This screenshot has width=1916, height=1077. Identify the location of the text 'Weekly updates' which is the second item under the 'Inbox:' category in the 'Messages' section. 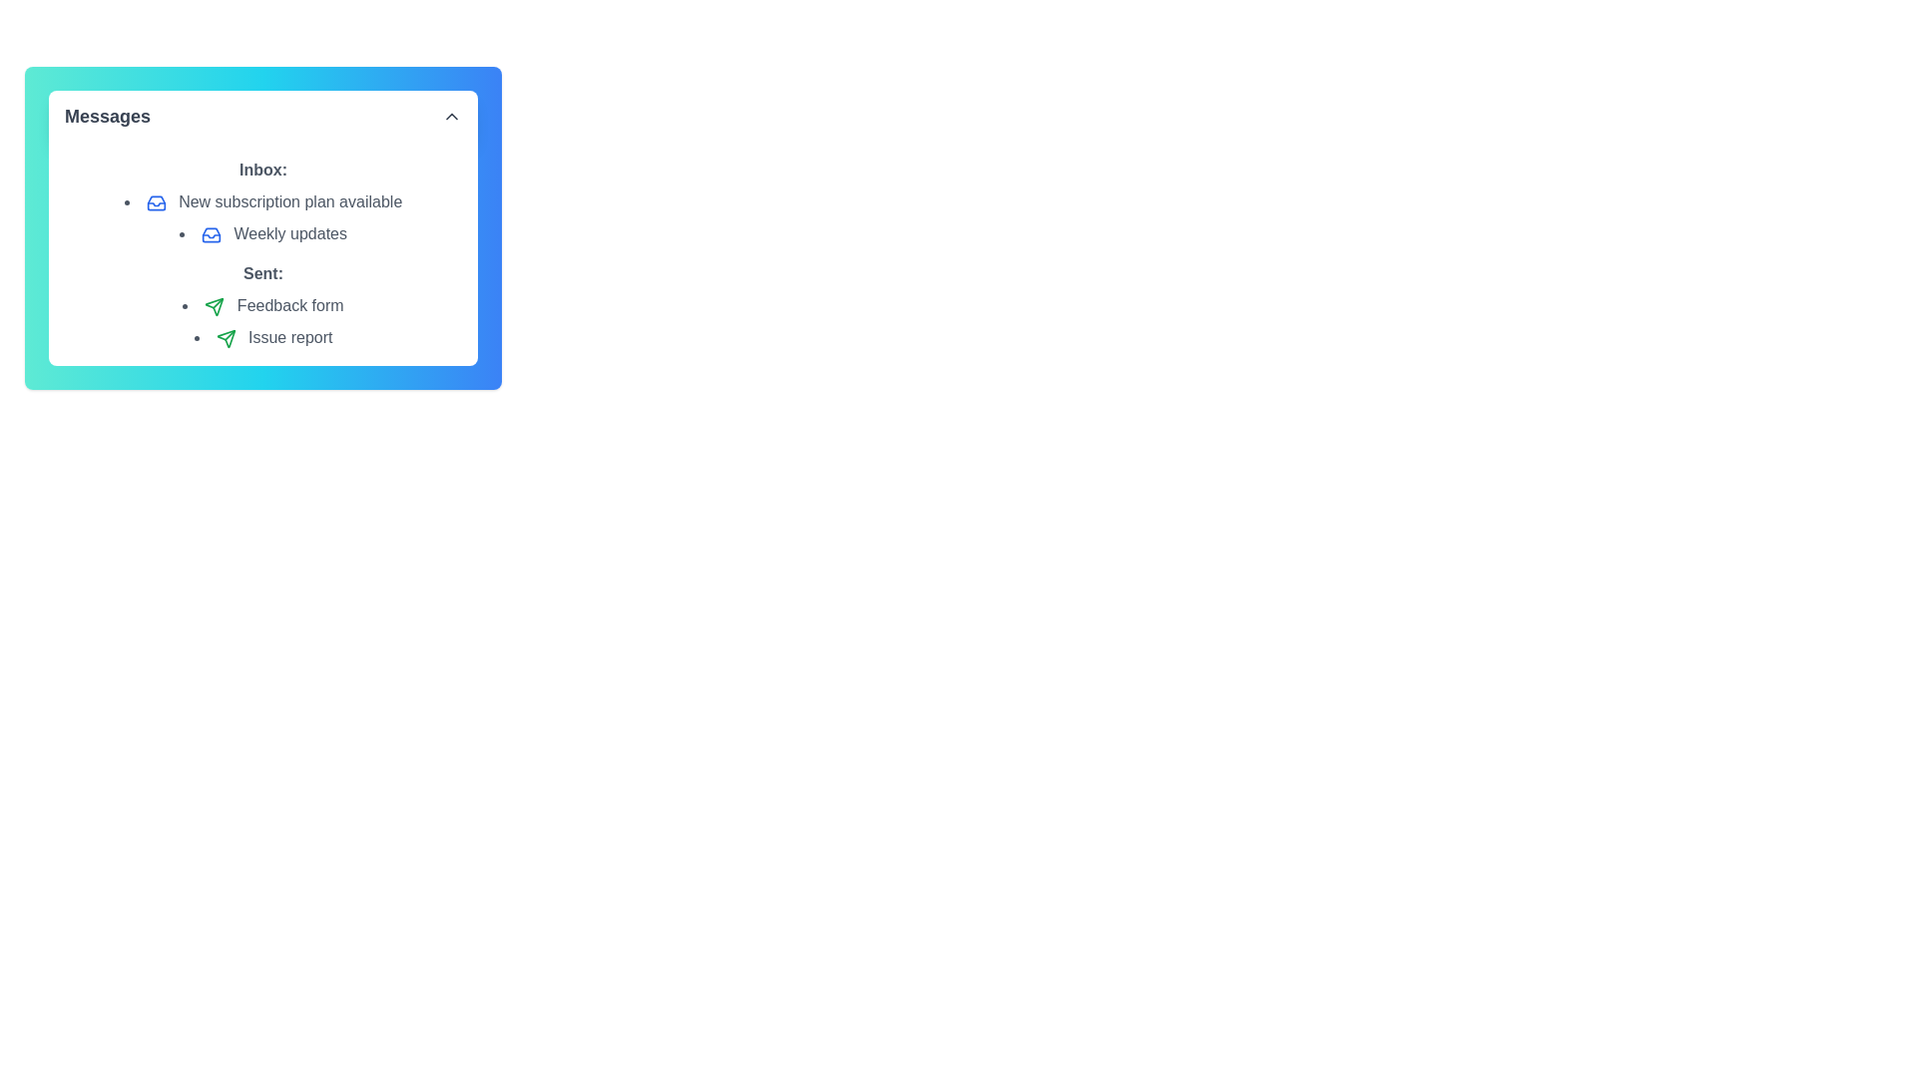
(262, 233).